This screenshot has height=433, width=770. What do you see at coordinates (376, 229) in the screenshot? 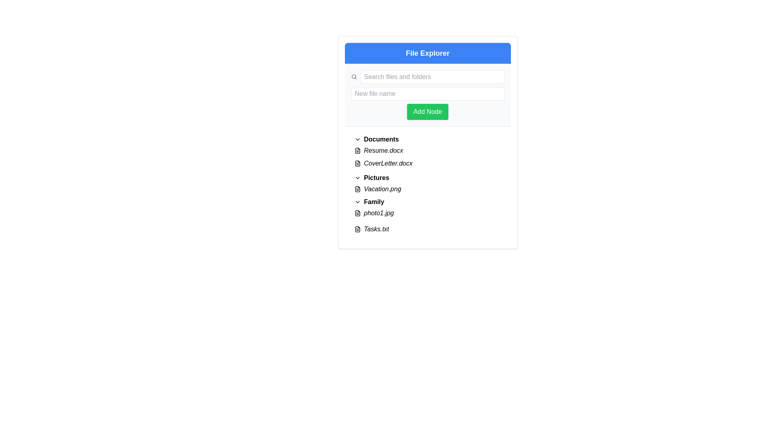
I see `the italicized text label displaying the filename 'Tasks.txt', located at the bottom of the file list section under the header 'Family'` at bounding box center [376, 229].